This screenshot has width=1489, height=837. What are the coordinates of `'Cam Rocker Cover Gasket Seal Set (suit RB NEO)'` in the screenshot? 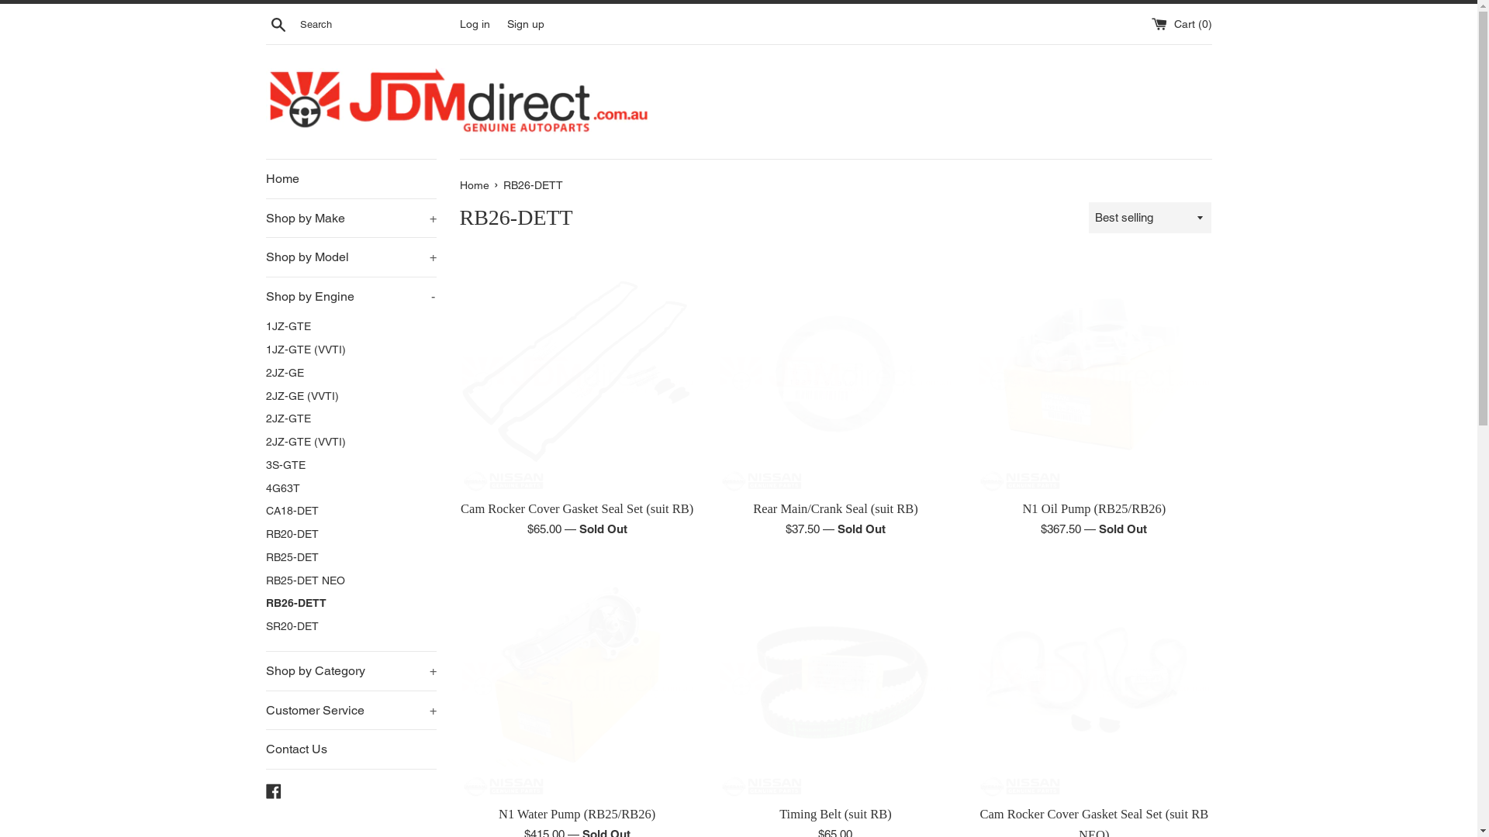 It's located at (975, 678).